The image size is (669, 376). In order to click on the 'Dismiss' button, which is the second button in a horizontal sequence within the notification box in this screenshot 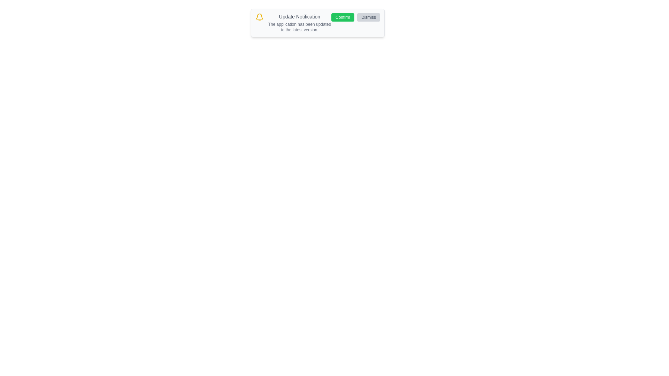, I will do `click(368, 17)`.